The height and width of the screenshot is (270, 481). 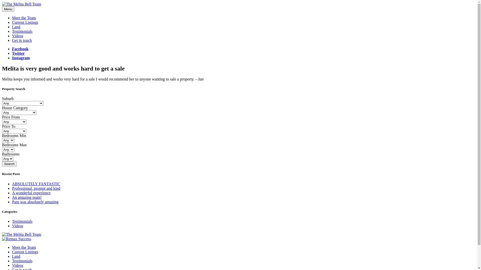 I want to click on 'Pam was absolutely amazing', so click(x=35, y=201).